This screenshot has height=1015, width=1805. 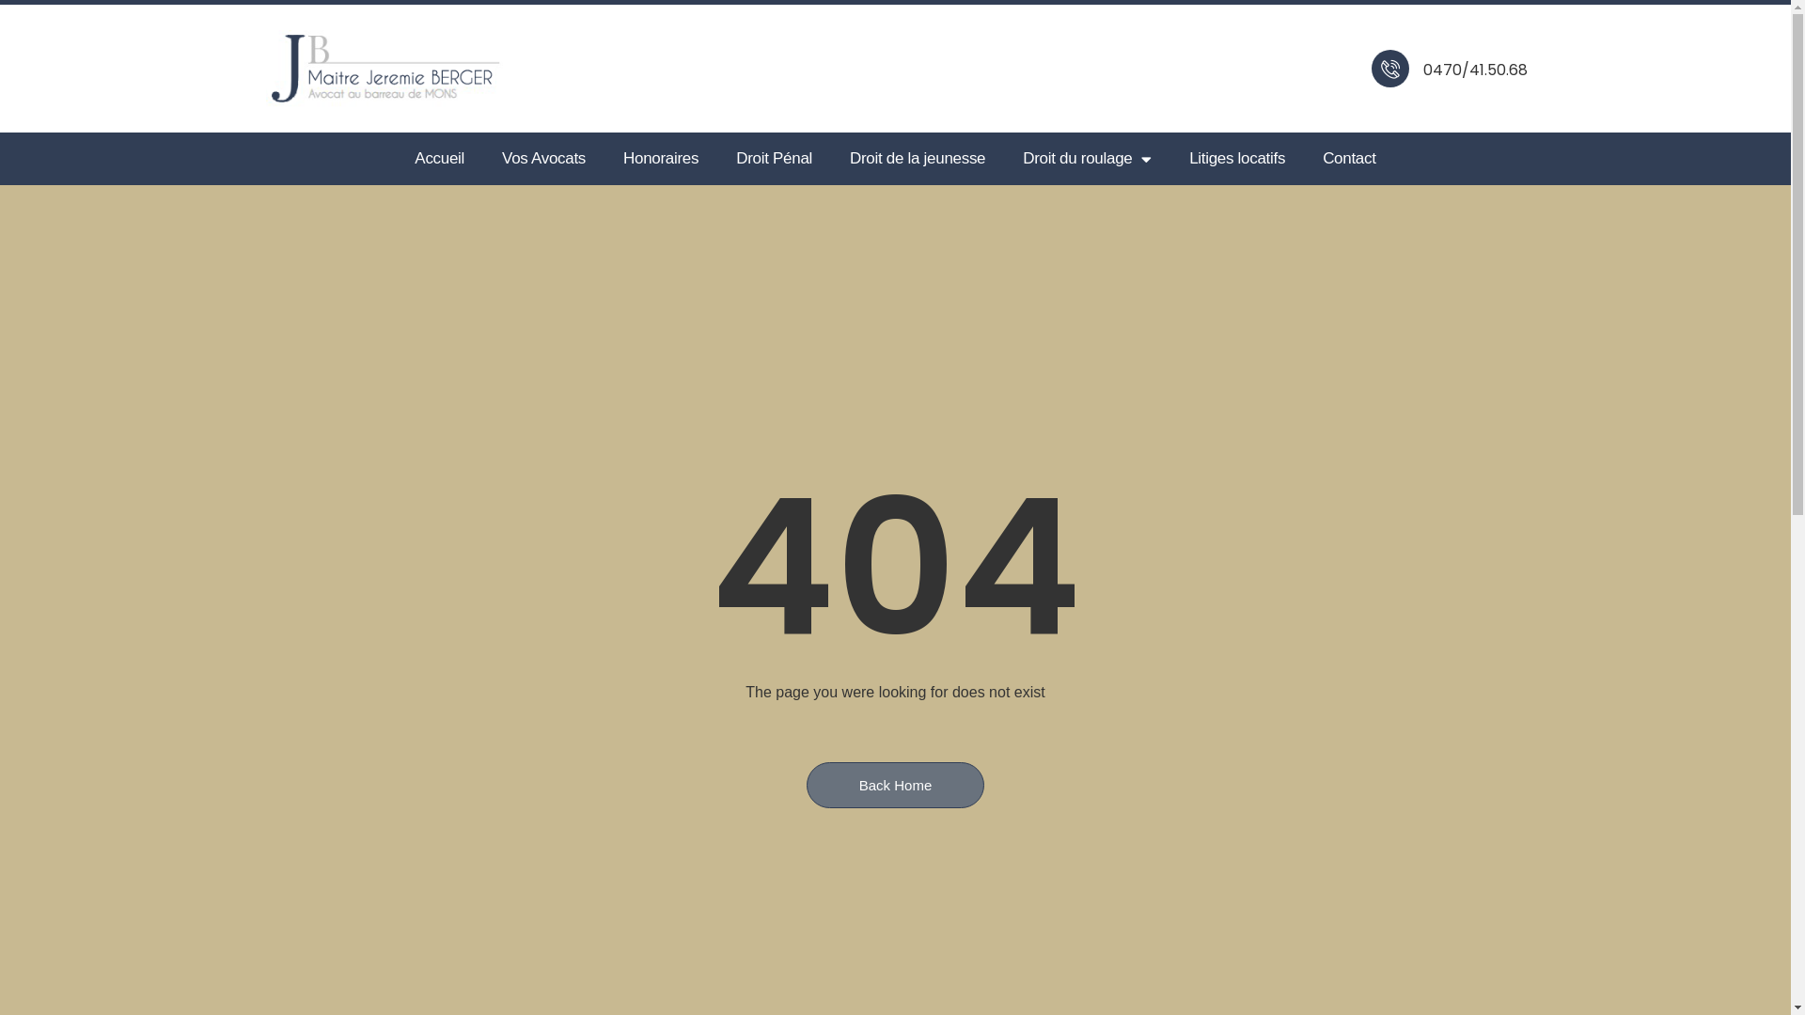 I want to click on 'Vos Avocats', so click(x=542, y=158).